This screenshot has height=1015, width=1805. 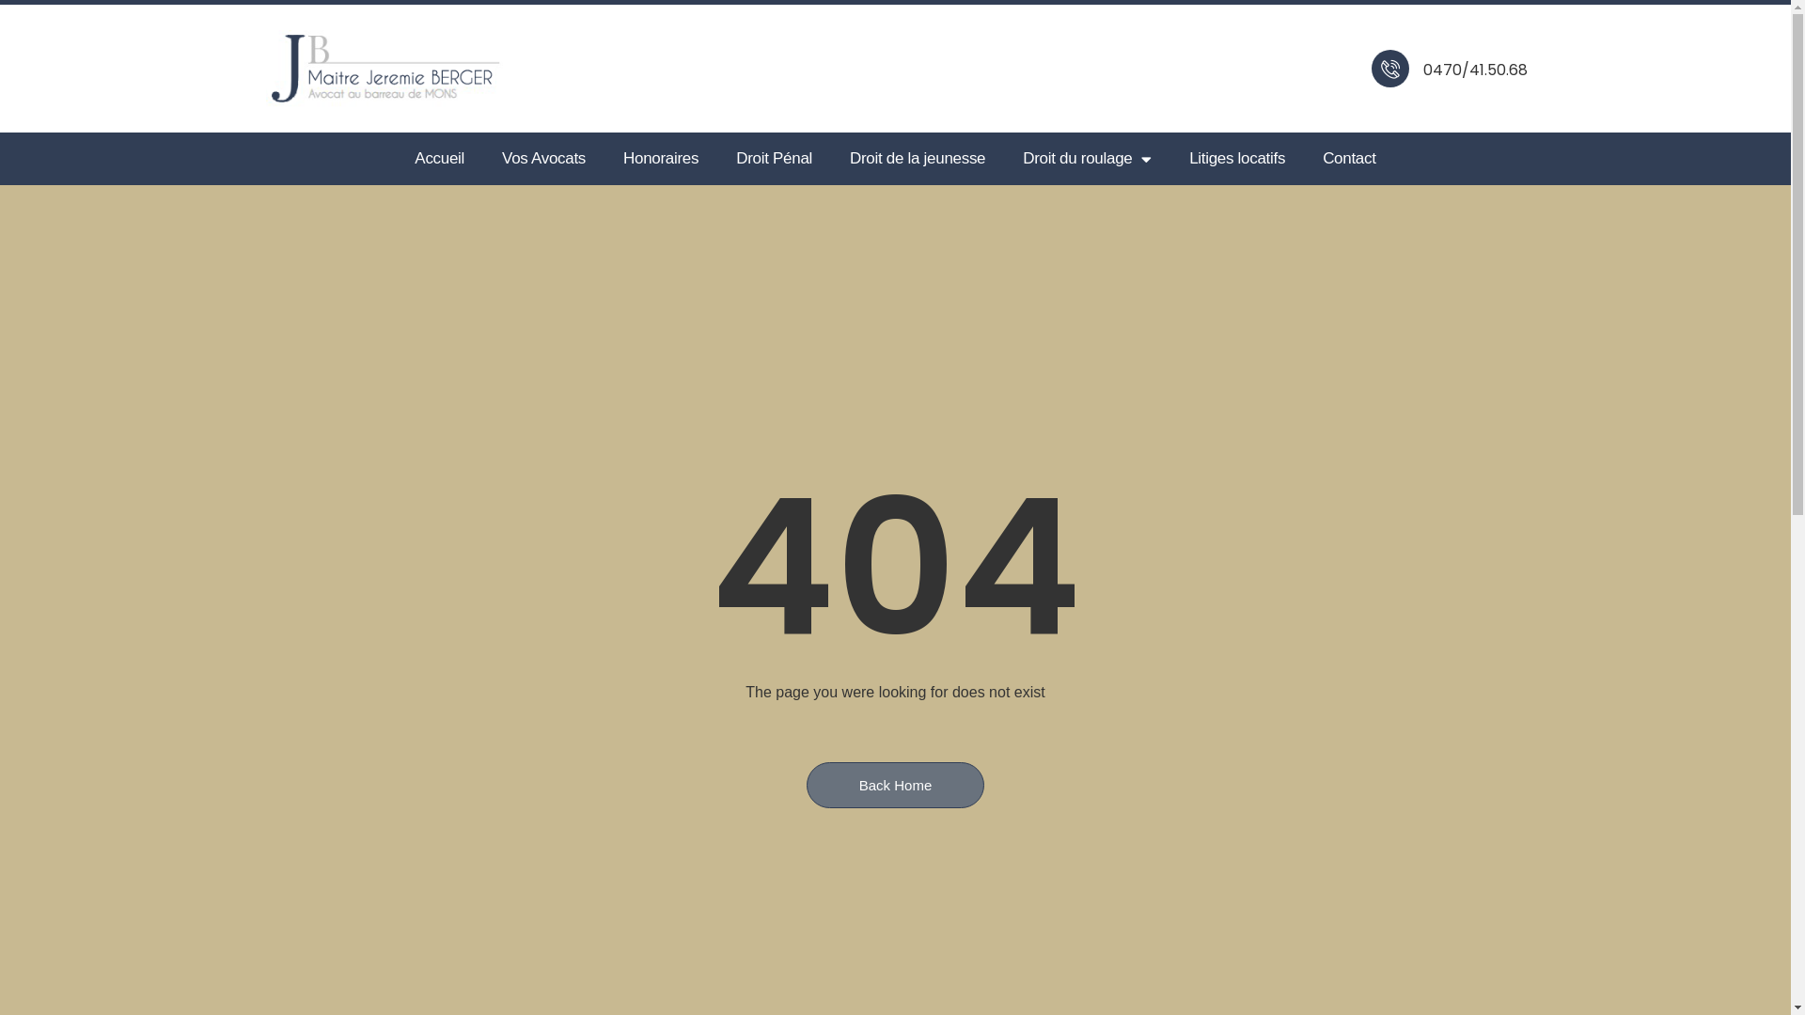 I want to click on 'Vos Avocats', so click(x=542, y=158).